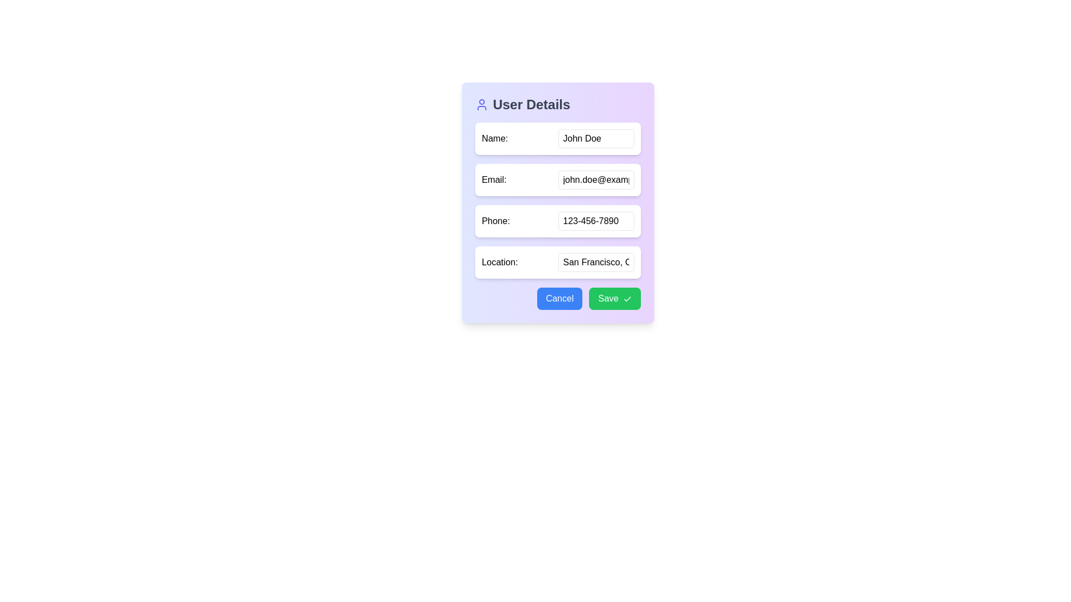  I want to click on the static text label element indicating the name input field, which is located to the left of the input field containing the text 'John Doe', so click(494, 138).